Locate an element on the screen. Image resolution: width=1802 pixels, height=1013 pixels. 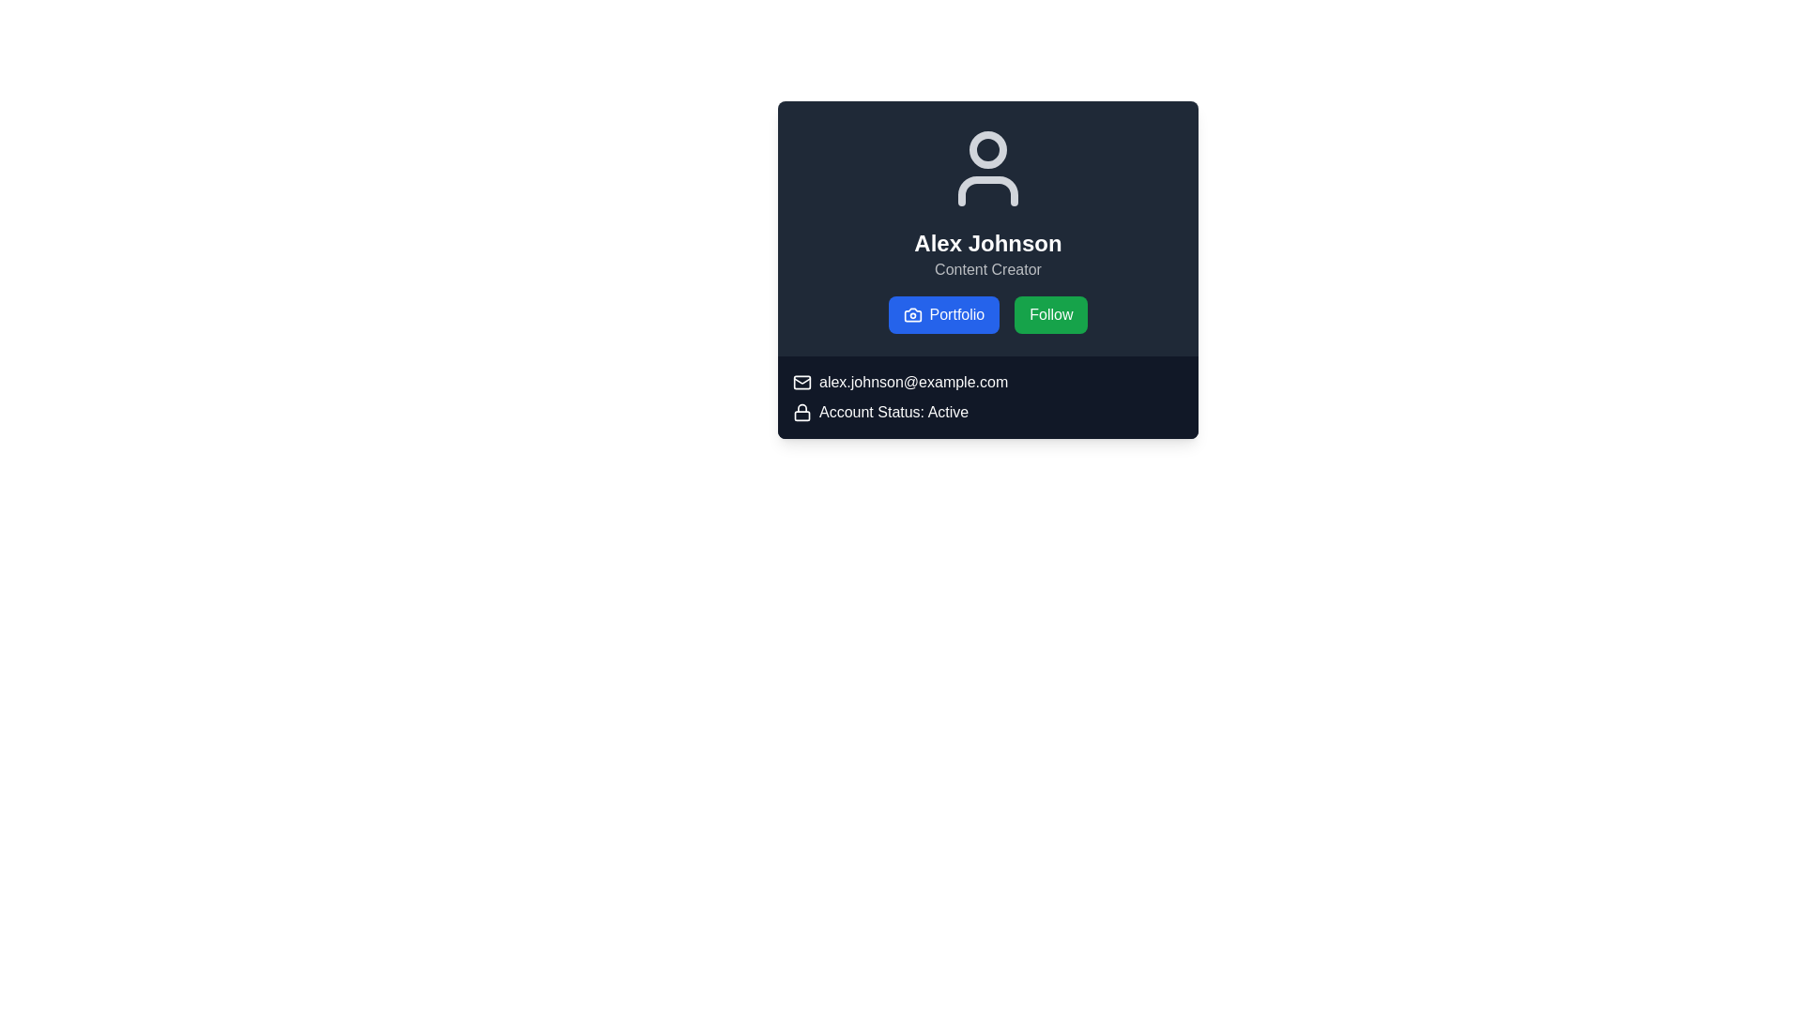
the graphic circle representing the head portion of the user icon located at the upper central area of the profile card is located at coordinates (986, 148).